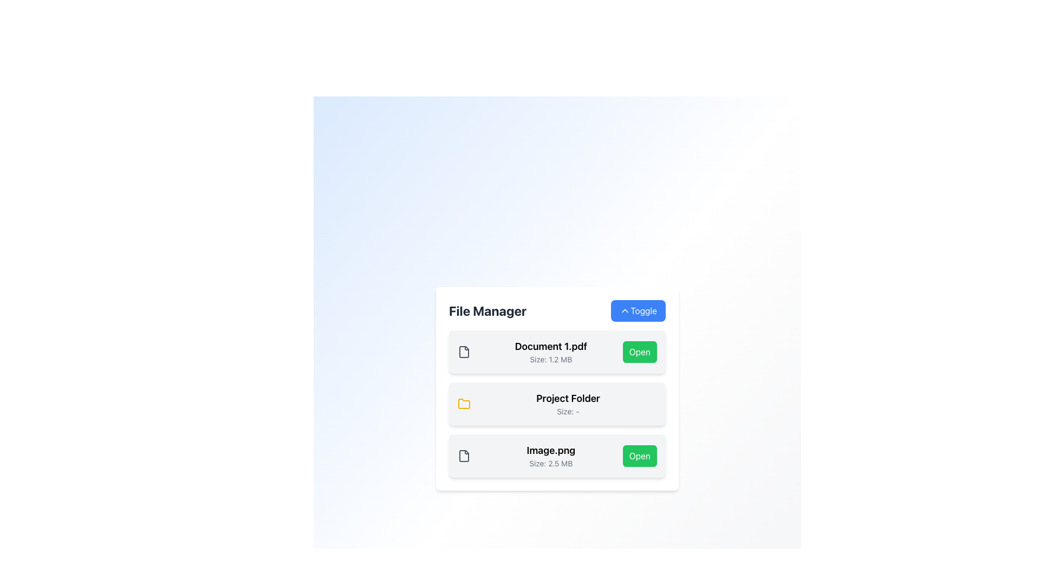 Image resolution: width=1040 pixels, height=585 pixels. What do you see at coordinates (551, 352) in the screenshot?
I see `the text block that displays the name and file size of 'Document 1.pdf' located in the first file listing card of the file manager interface` at bounding box center [551, 352].